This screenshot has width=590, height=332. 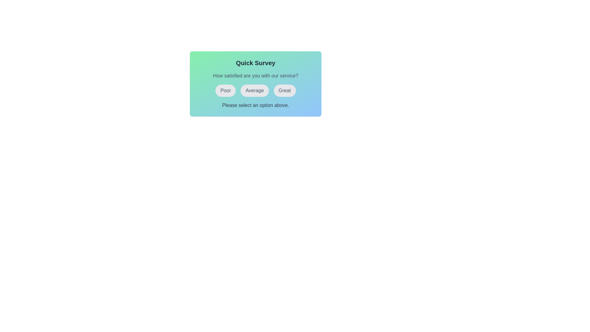 What do you see at coordinates (254, 90) in the screenshot?
I see `the button labeled Average` at bounding box center [254, 90].